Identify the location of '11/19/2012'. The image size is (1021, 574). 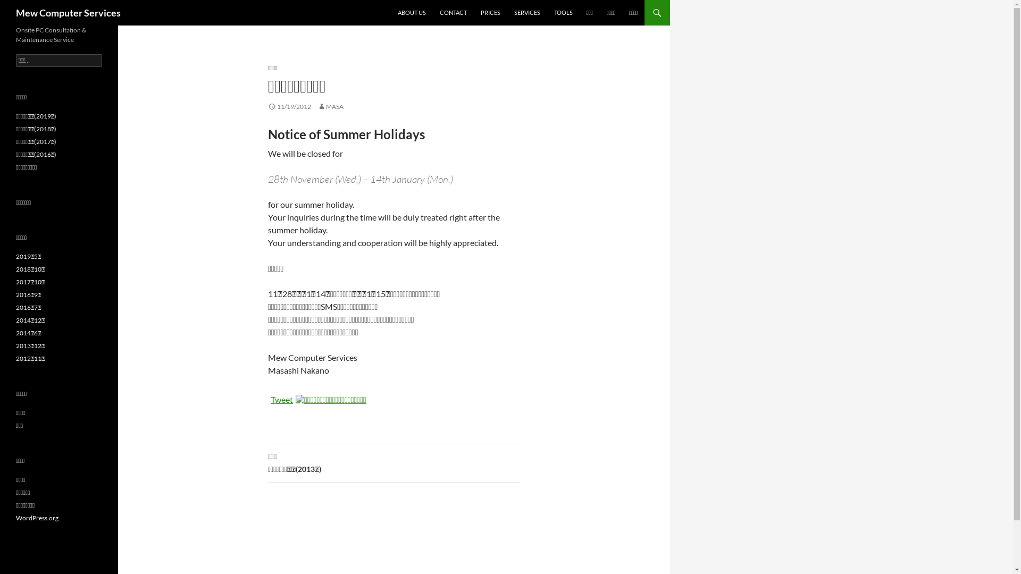
(268, 106).